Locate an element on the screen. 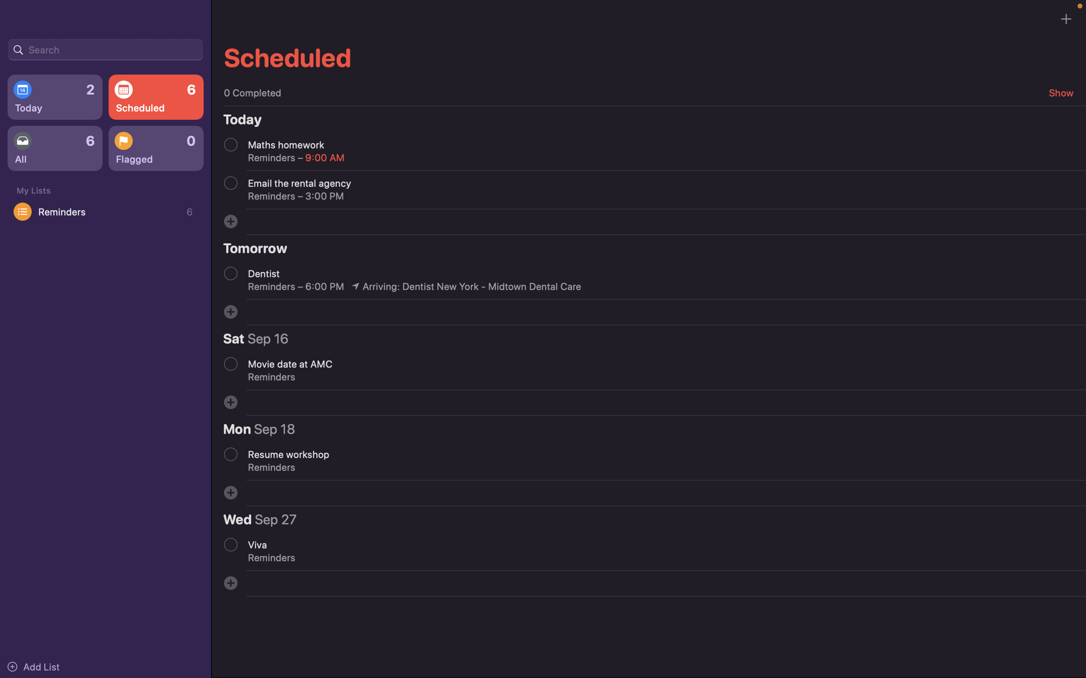 The width and height of the screenshot is (1086, 678). Plan an event with customers for next week is located at coordinates (230, 221).